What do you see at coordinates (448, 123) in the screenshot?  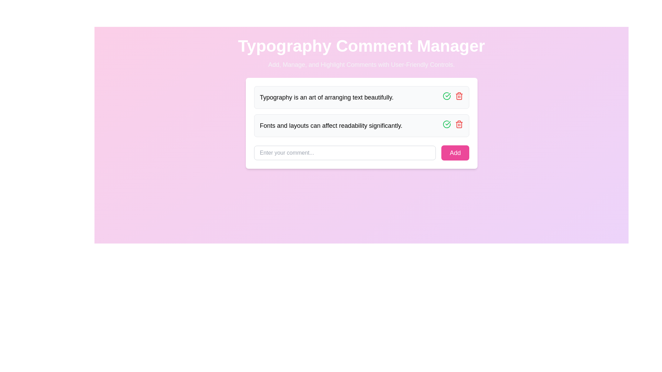 I see `the checkmark icon located to the right of the comment 'Typography is an art of arranging text beautifully' to mark the comment as approved` at bounding box center [448, 123].